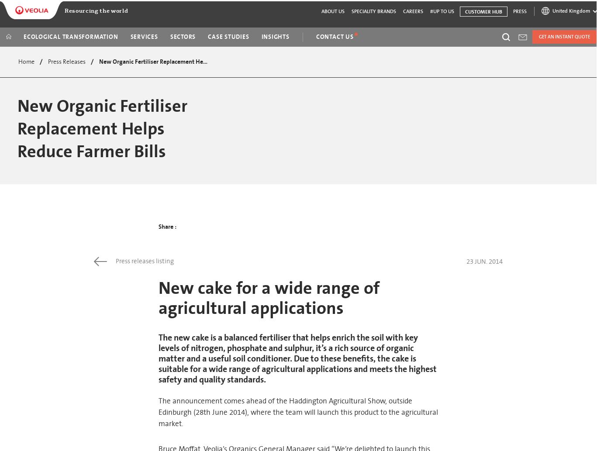 The image size is (597, 451). I want to click on 'Press Releases', so click(66, 62).